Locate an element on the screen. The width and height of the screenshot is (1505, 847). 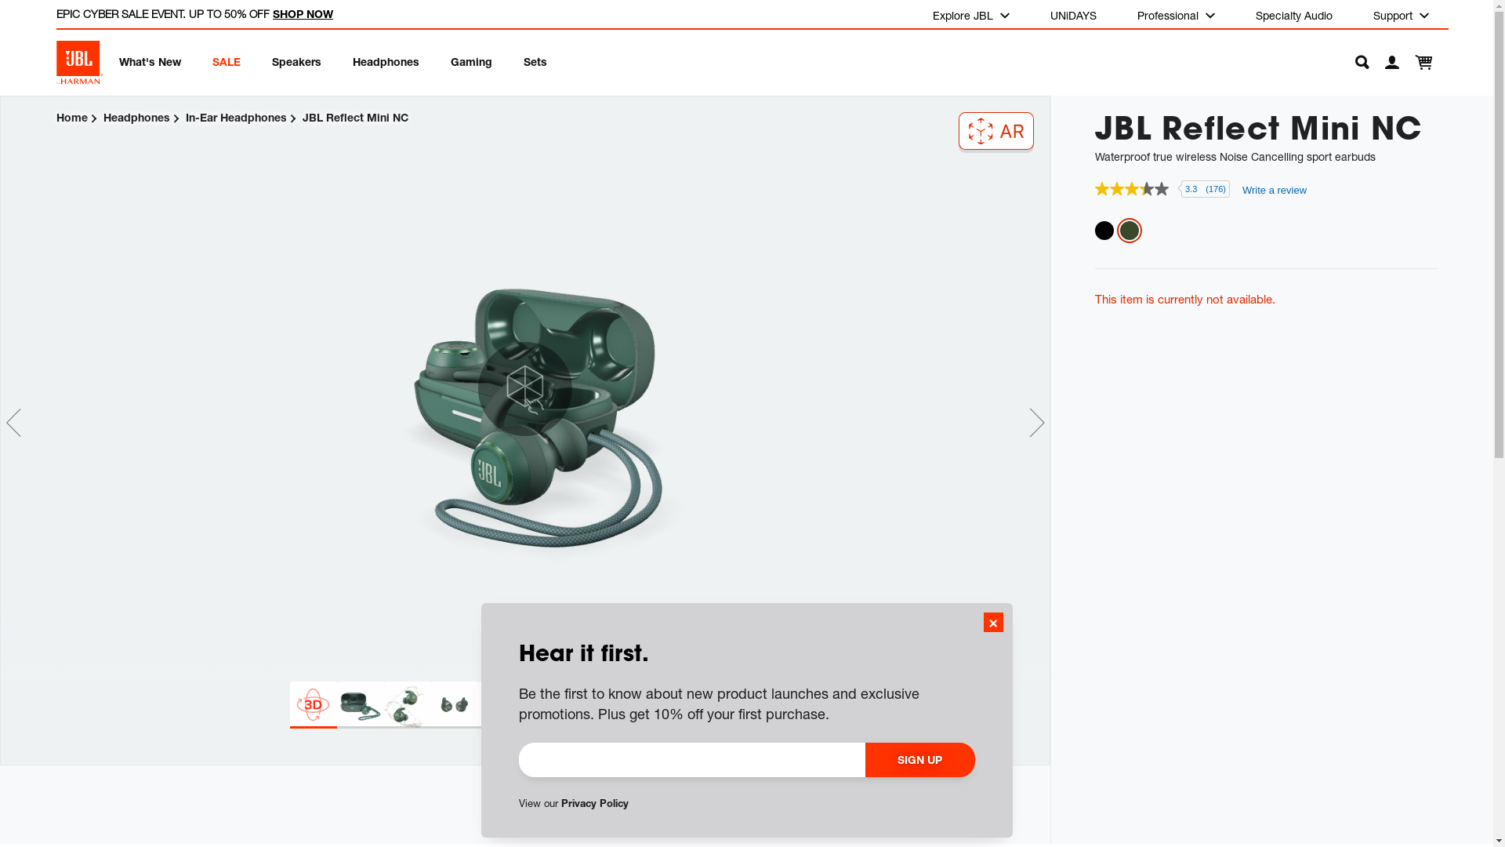
'Specialty Audio' is located at coordinates (1294, 15).